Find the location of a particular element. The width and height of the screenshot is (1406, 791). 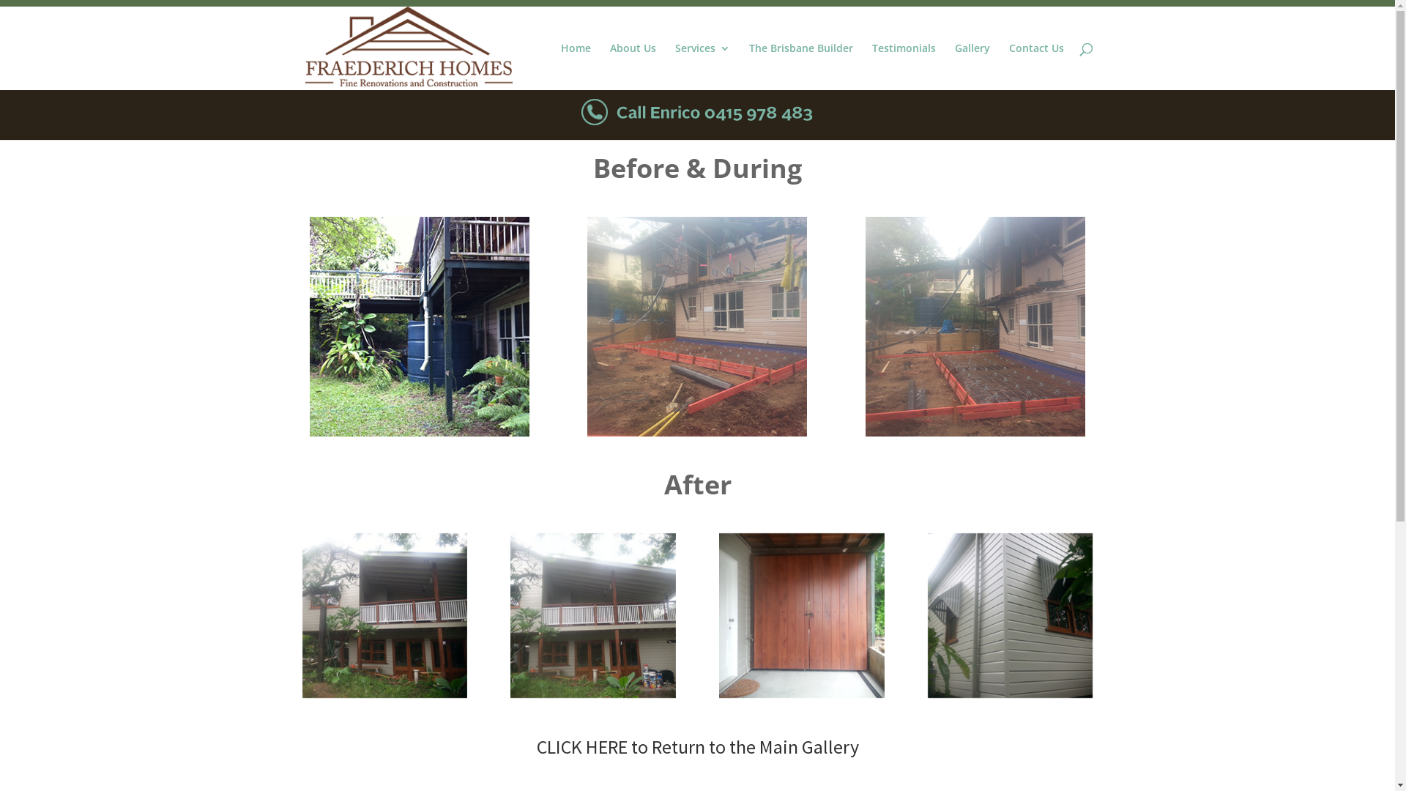

'Extend Upstairs and Down After 03' is located at coordinates (800, 615).